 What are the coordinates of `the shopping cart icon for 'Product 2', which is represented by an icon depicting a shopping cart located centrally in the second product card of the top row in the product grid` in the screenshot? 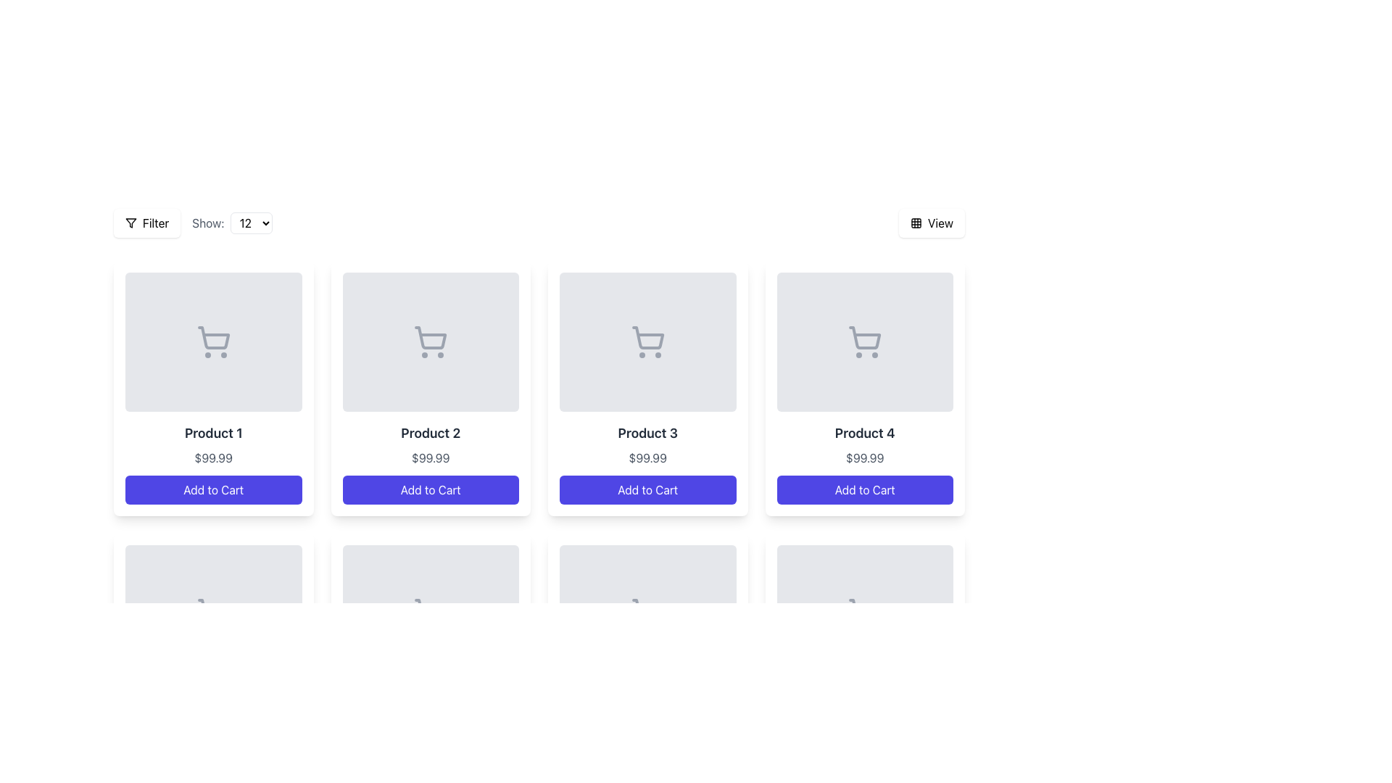 It's located at (430, 338).